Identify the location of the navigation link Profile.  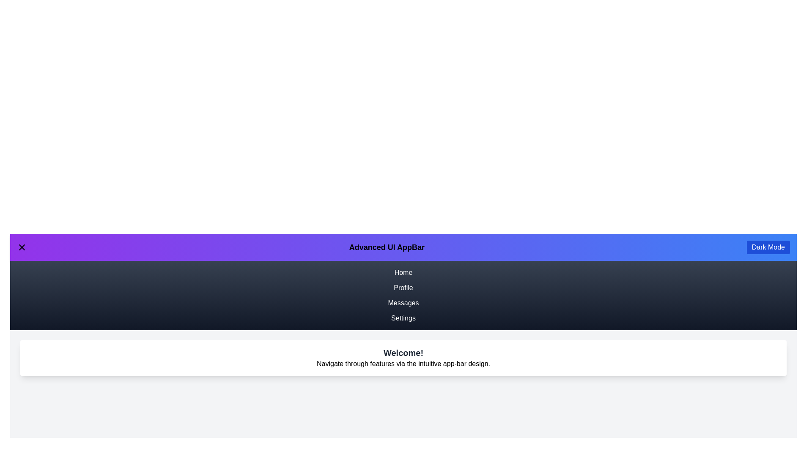
(403, 288).